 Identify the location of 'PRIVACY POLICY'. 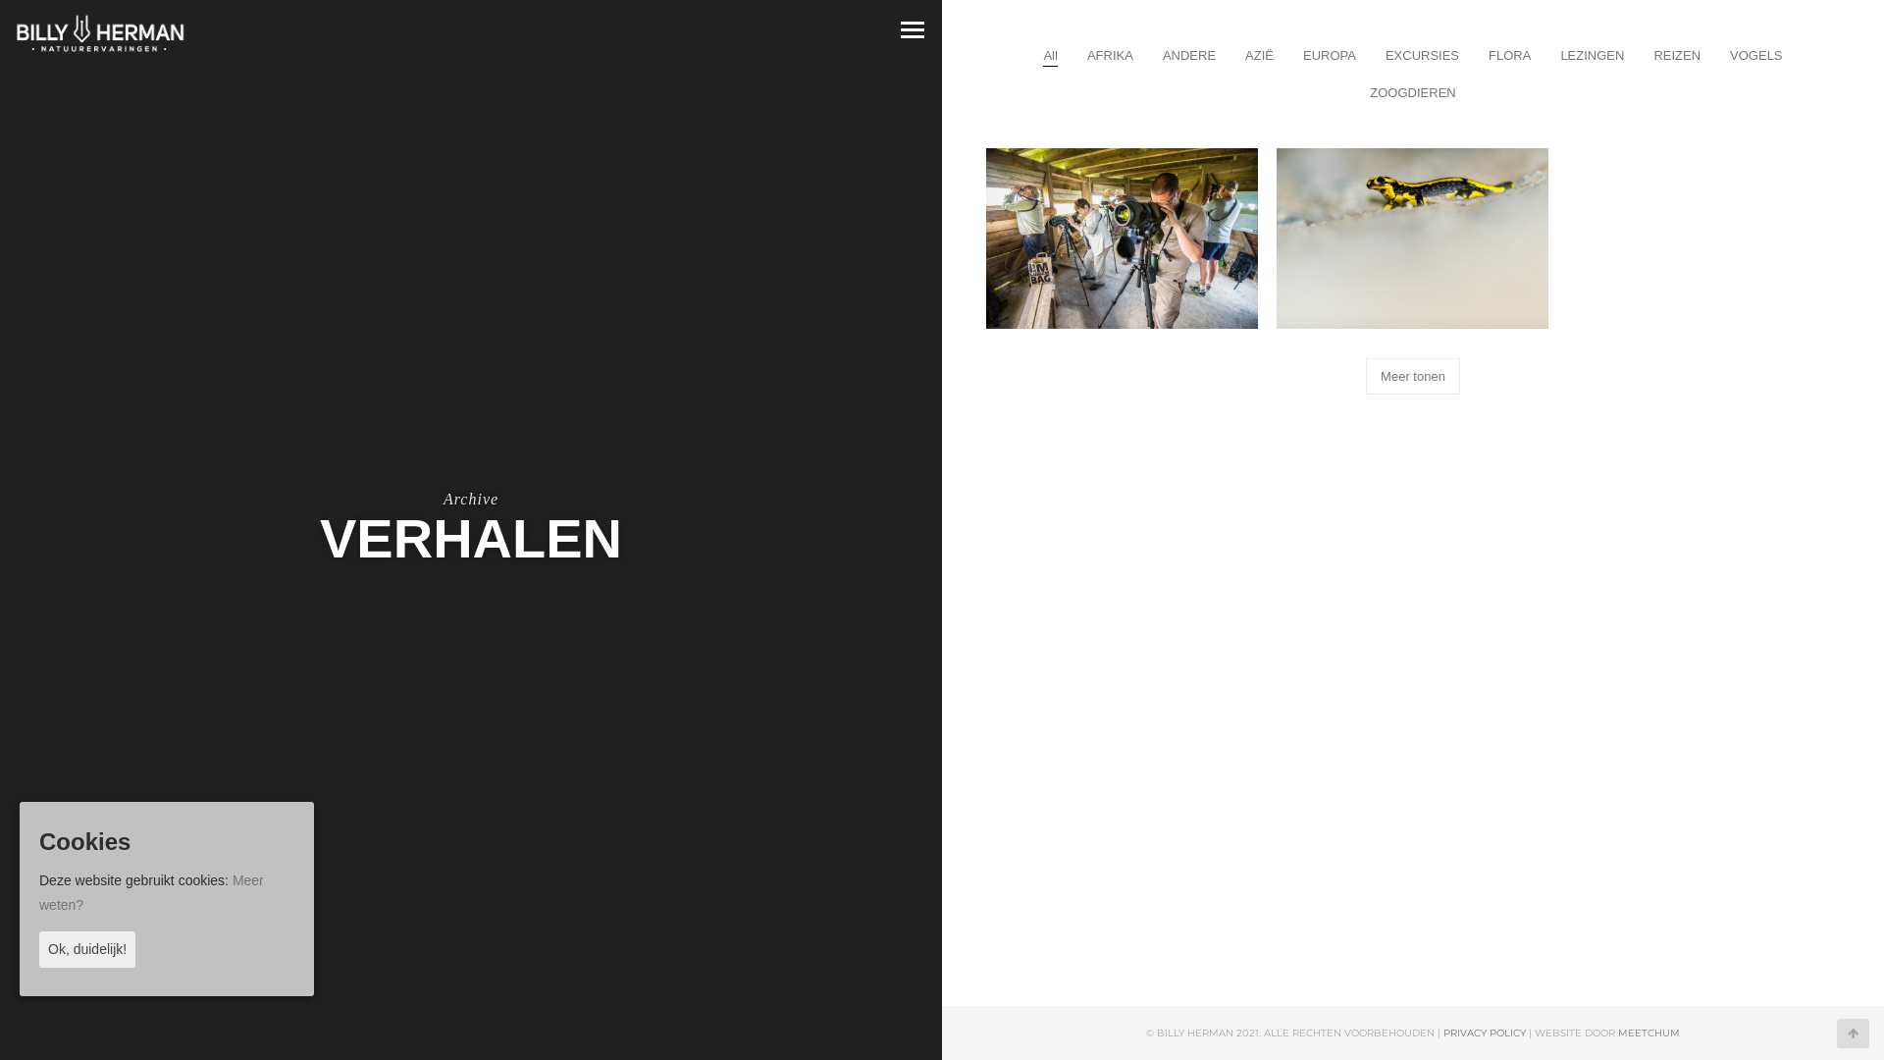
(1484, 1032).